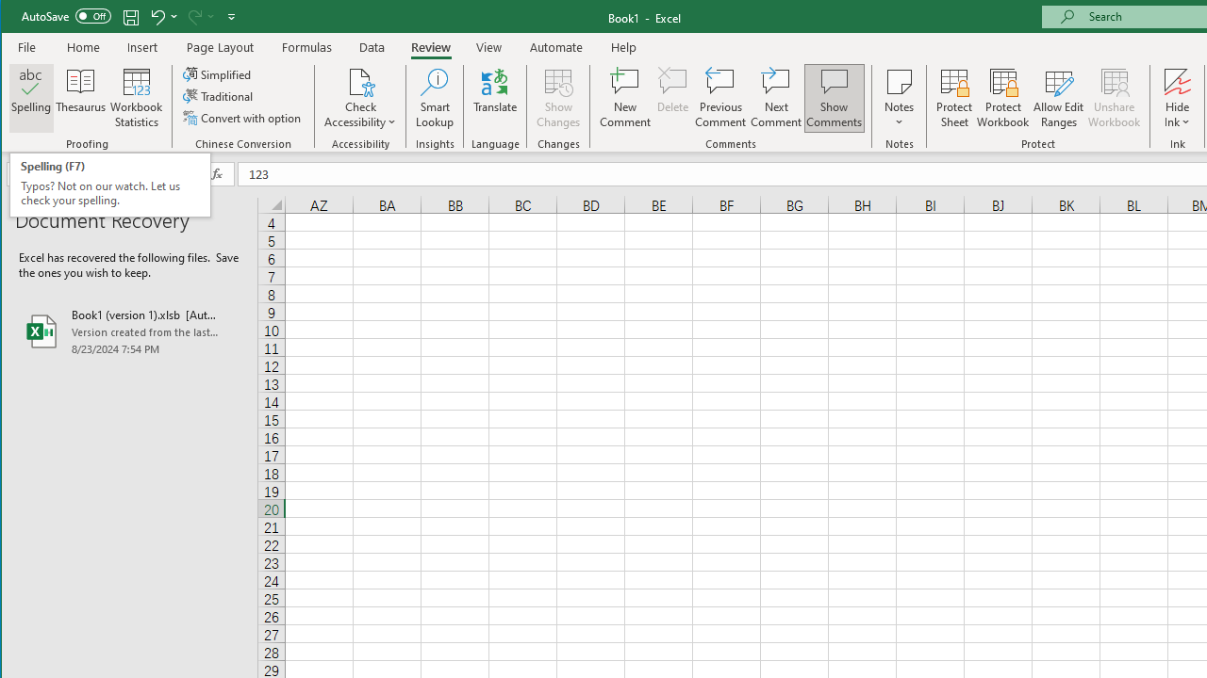 This screenshot has height=678, width=1207. I want to click on 'Protect Workbook...', so click(1002, 98).